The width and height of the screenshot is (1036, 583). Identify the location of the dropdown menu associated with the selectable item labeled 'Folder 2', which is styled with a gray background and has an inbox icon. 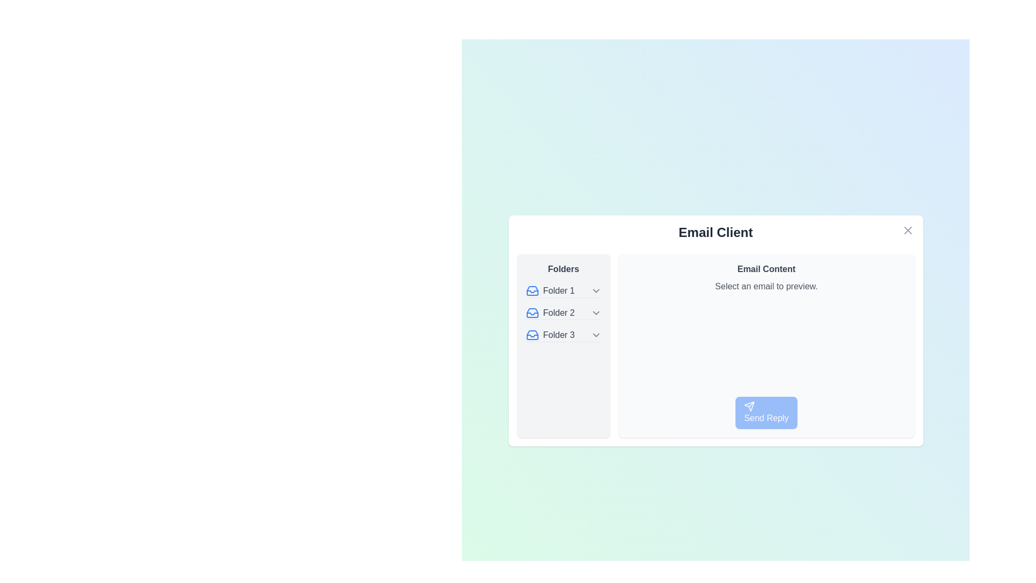
(563, 313).